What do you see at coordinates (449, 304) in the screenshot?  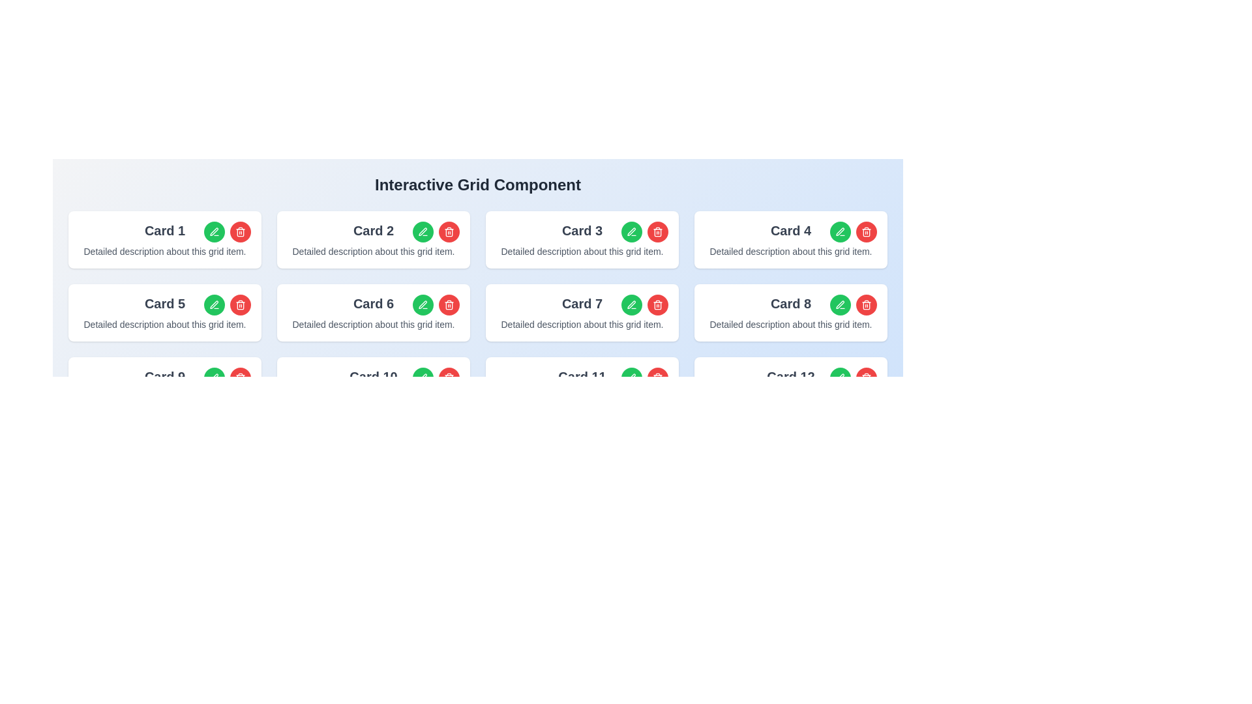 I see `the 'delete' button located in the top-right corner of 'Card 6'` at bounding box center [449, 304].